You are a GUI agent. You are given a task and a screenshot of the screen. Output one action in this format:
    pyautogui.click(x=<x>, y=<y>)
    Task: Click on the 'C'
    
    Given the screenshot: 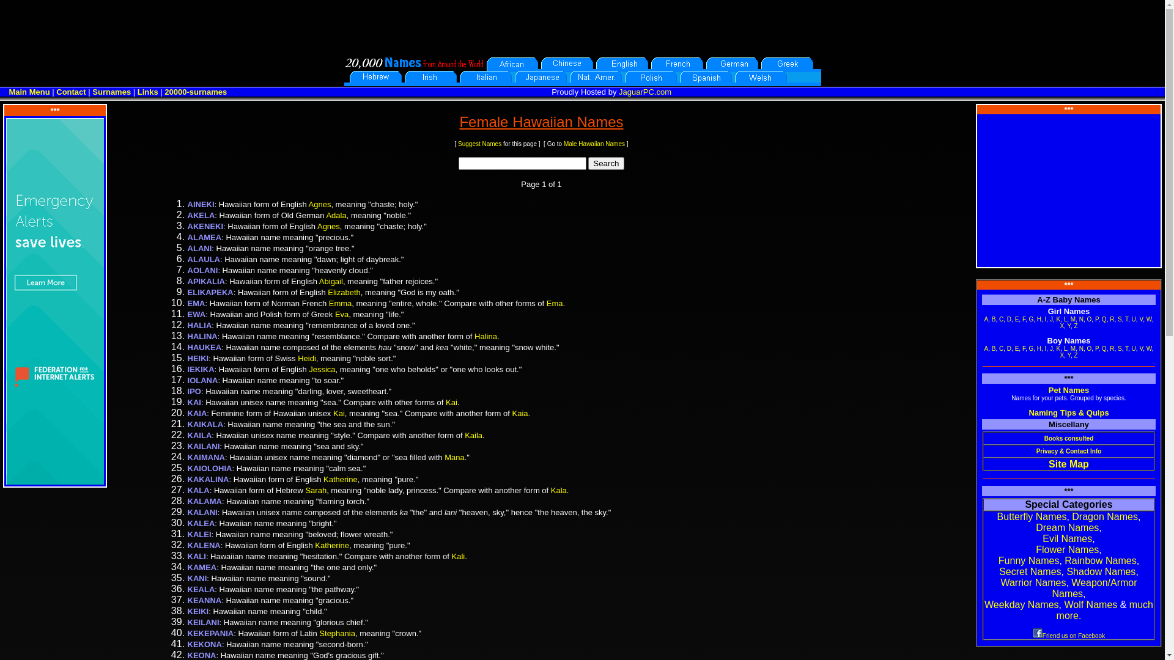 What is the action you would take?
    pyautogui.click(x=1001, y=348)
    